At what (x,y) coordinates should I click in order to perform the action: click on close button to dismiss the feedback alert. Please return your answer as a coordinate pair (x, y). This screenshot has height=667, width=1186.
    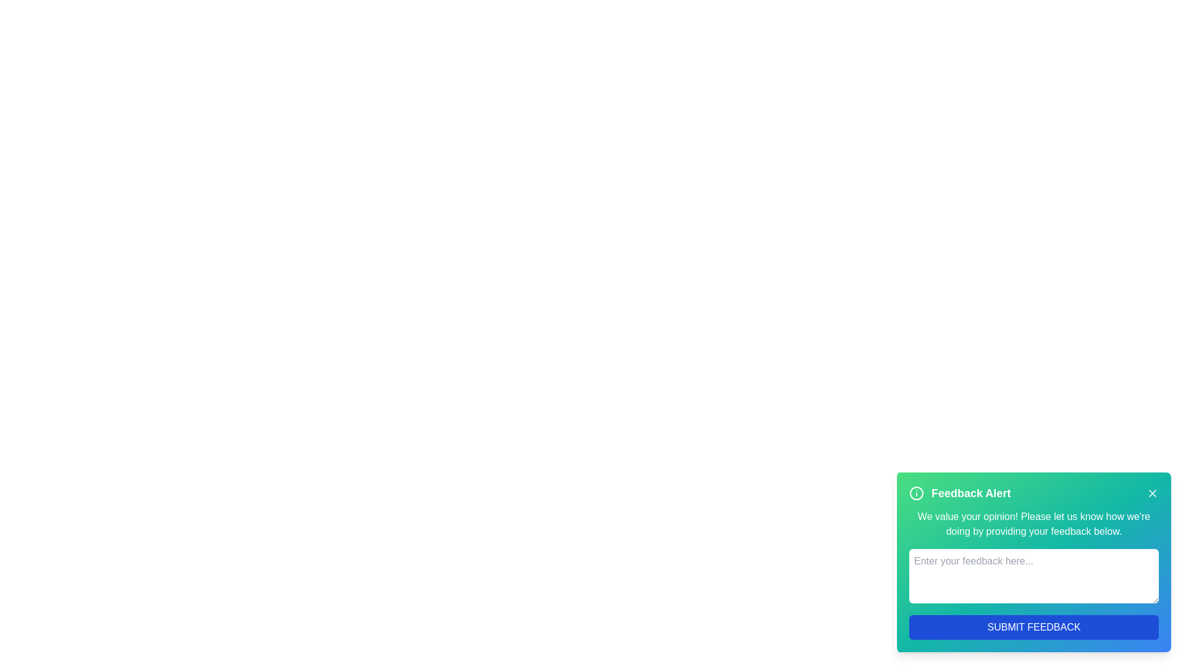
    Looking at the image, I should click on (1152, 492).